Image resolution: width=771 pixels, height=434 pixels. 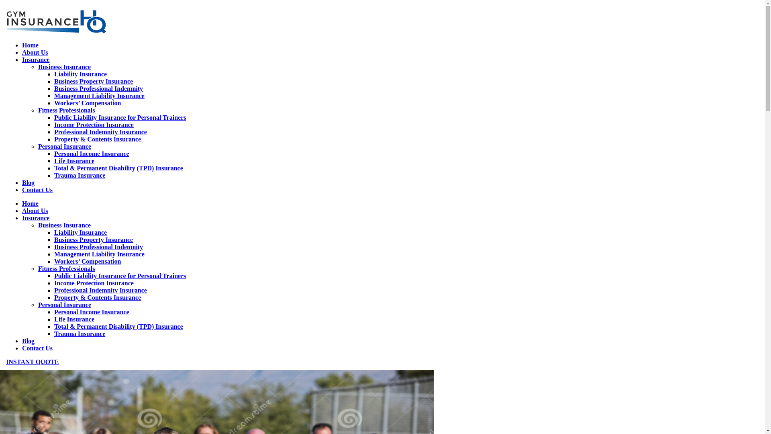 I want to click on 'Total & Permanent Disability (TPD) Insurance', so click(x=118, y=326).